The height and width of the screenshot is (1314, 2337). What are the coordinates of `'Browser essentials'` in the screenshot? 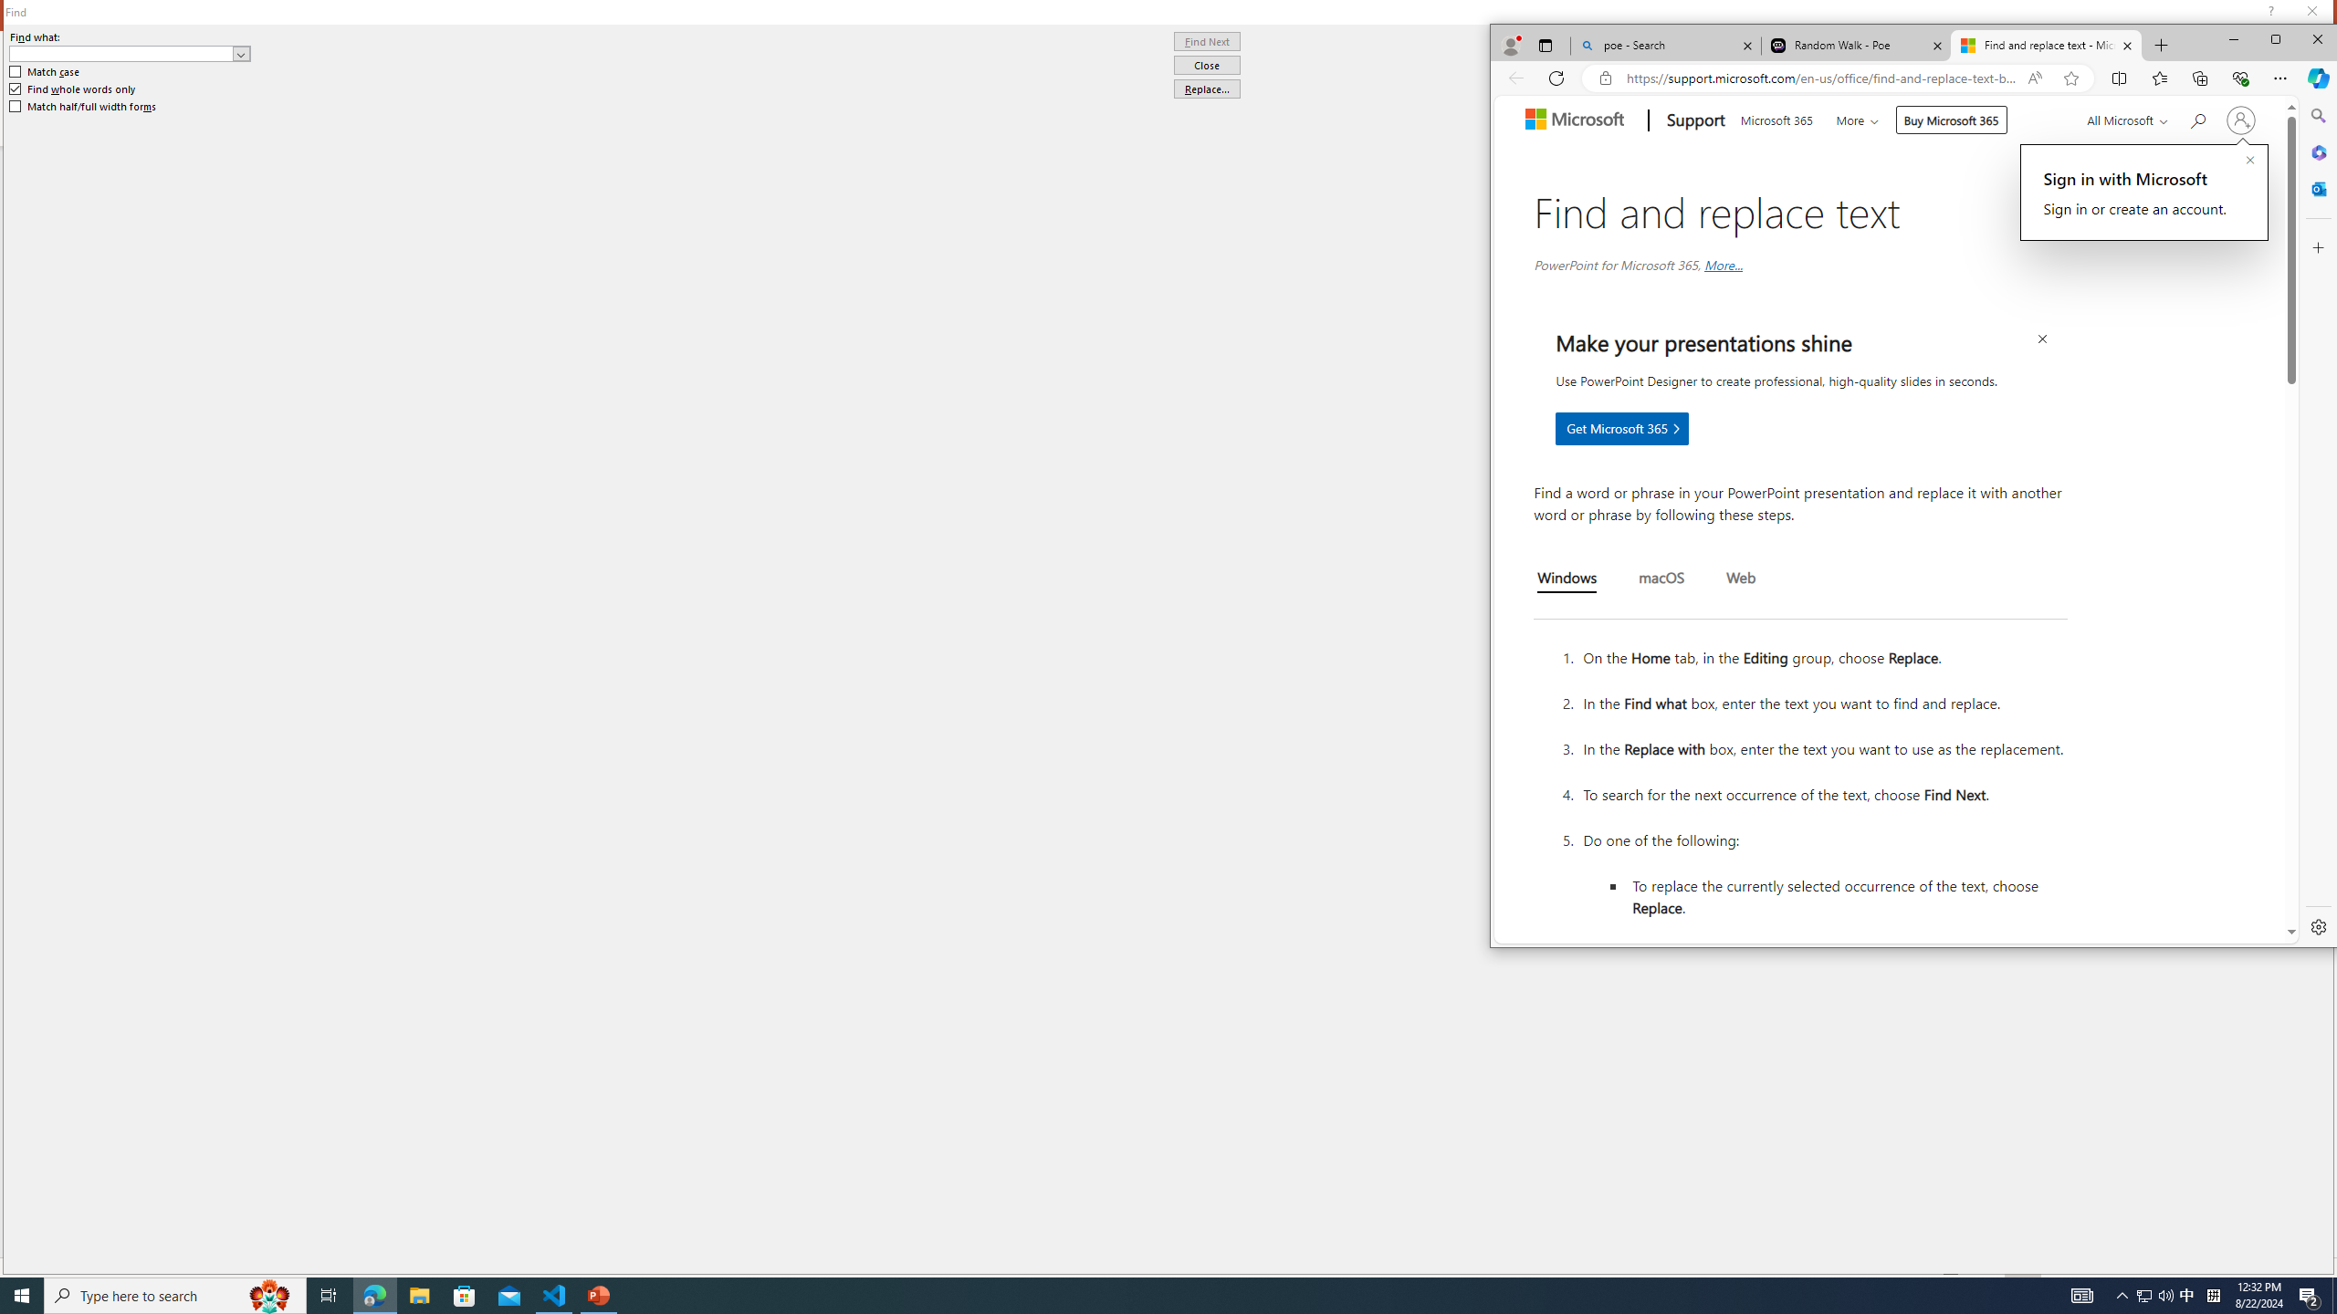 It's located at (2239, 77).